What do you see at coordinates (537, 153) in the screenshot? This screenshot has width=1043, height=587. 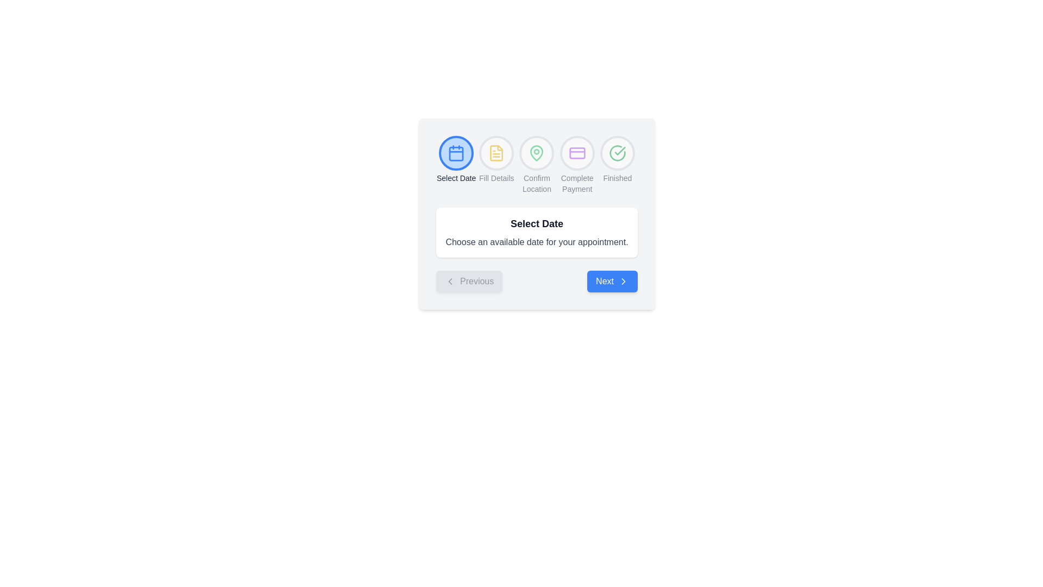 I see `the decorative icon component that represents the 'Confirm Location' step in the multi-step navigation interface, which is the third icon from the left in the horizontal sequence` at bounding box center [537, 153].